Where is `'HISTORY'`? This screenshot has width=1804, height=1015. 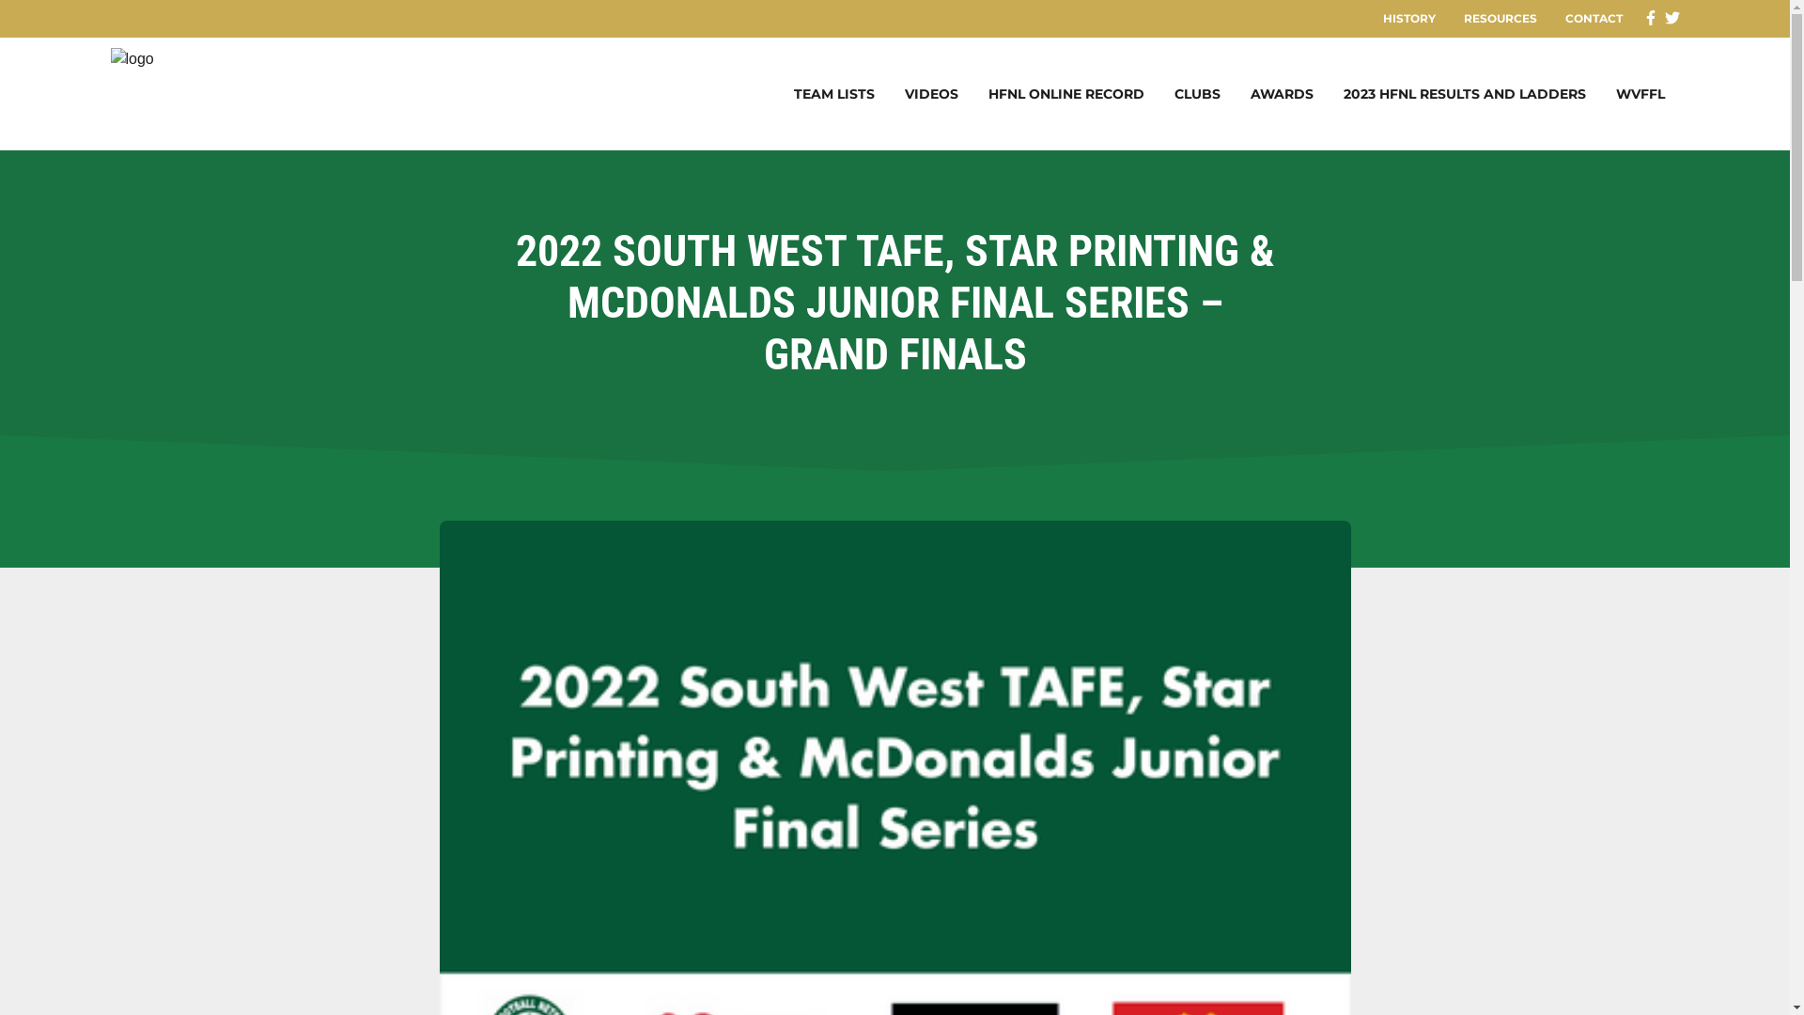
'HISTORY' is located at coordinates (1367, 18).